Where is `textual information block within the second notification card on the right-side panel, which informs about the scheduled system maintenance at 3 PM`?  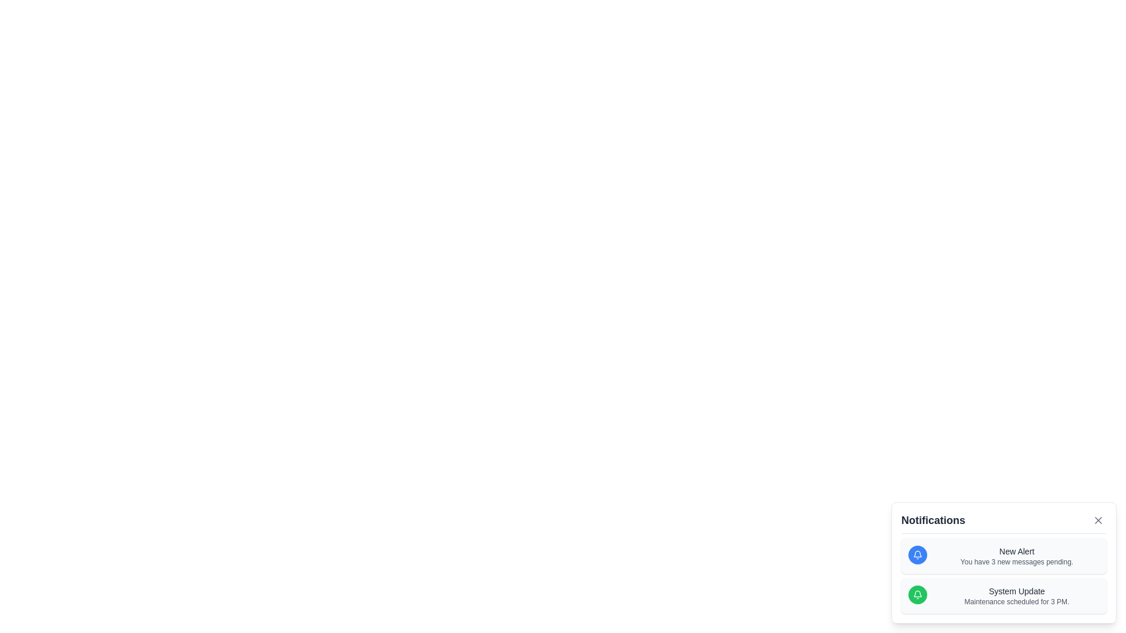 textual information block within the second notification card on the right-side panel, which informs about the scheduled system maintenance at 3 PM is located at coordinates (1016, 596).